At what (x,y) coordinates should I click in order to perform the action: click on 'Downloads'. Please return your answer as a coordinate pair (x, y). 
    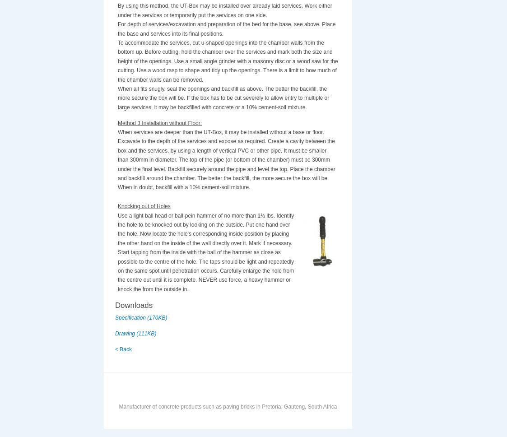
    Looking at the image, I should click on (115, 305).